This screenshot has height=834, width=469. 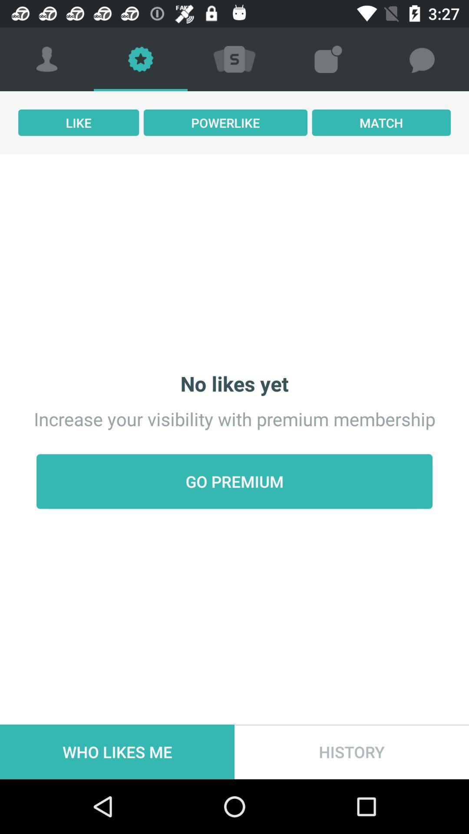 What do you see at coordinates (352, 751) in the screenshot?
I see `history` at bounding box center [352, 751].